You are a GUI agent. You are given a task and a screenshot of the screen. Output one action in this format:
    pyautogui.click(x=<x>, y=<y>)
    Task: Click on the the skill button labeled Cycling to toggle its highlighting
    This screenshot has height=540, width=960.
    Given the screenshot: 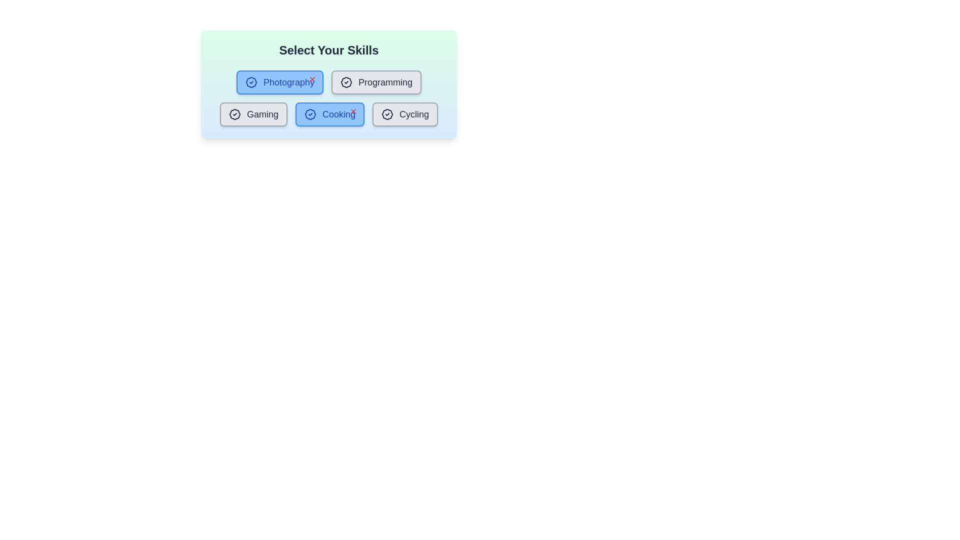 What is the action you would take?
    pyautogui.click(x=405, y=113)
    